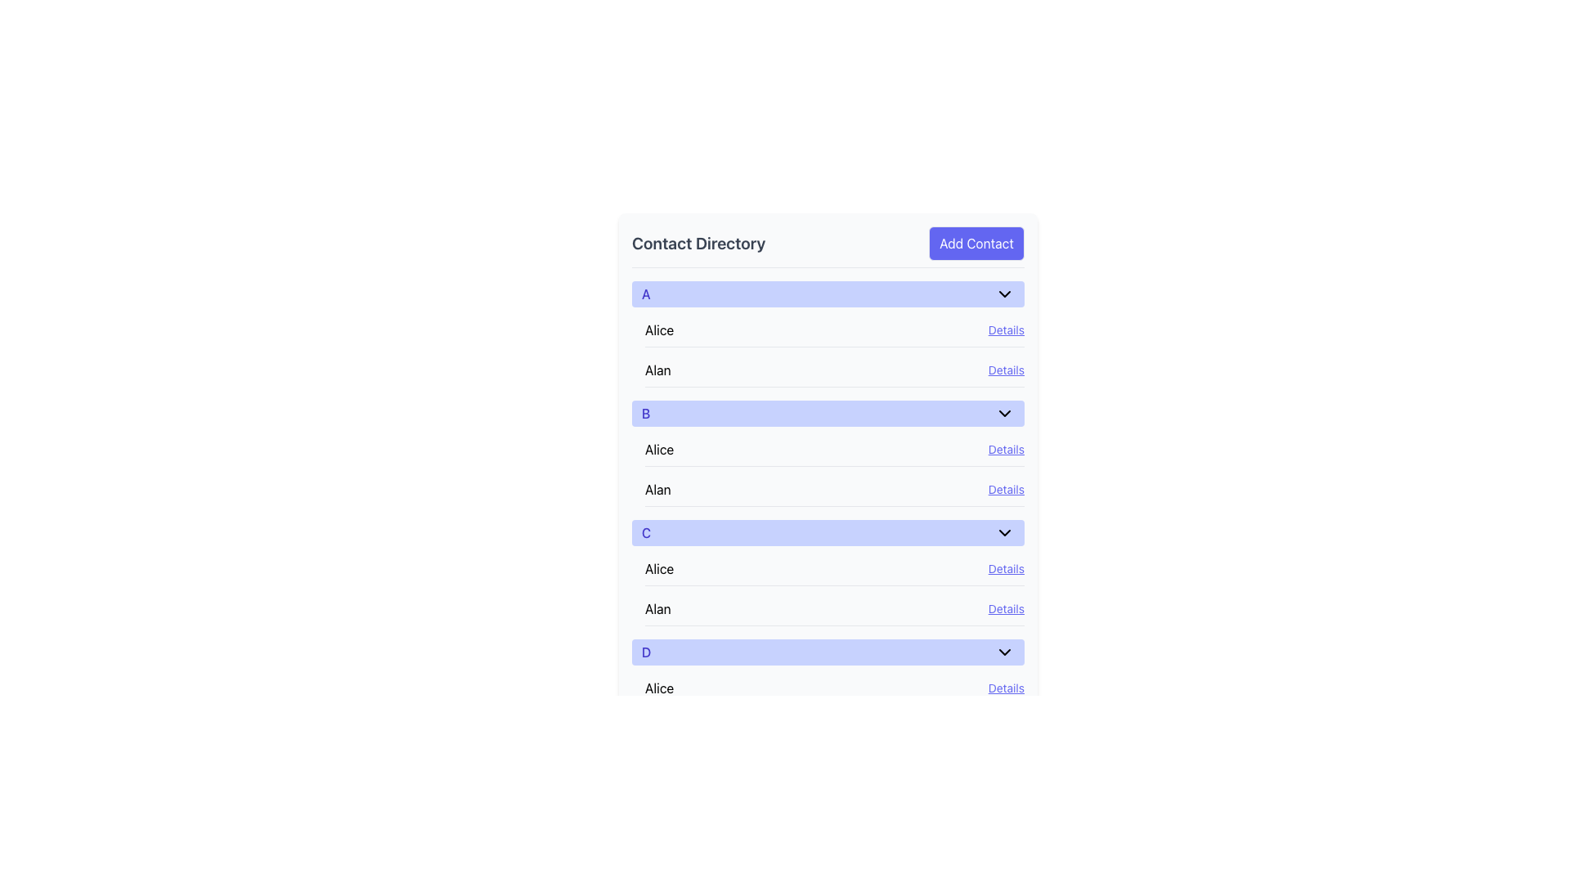 The width and height of the screenshot is (1570, 883). I want to click on the downward-pointing chevron icon with a black outline in the blue header labeled 'C', so click(1003, 532).